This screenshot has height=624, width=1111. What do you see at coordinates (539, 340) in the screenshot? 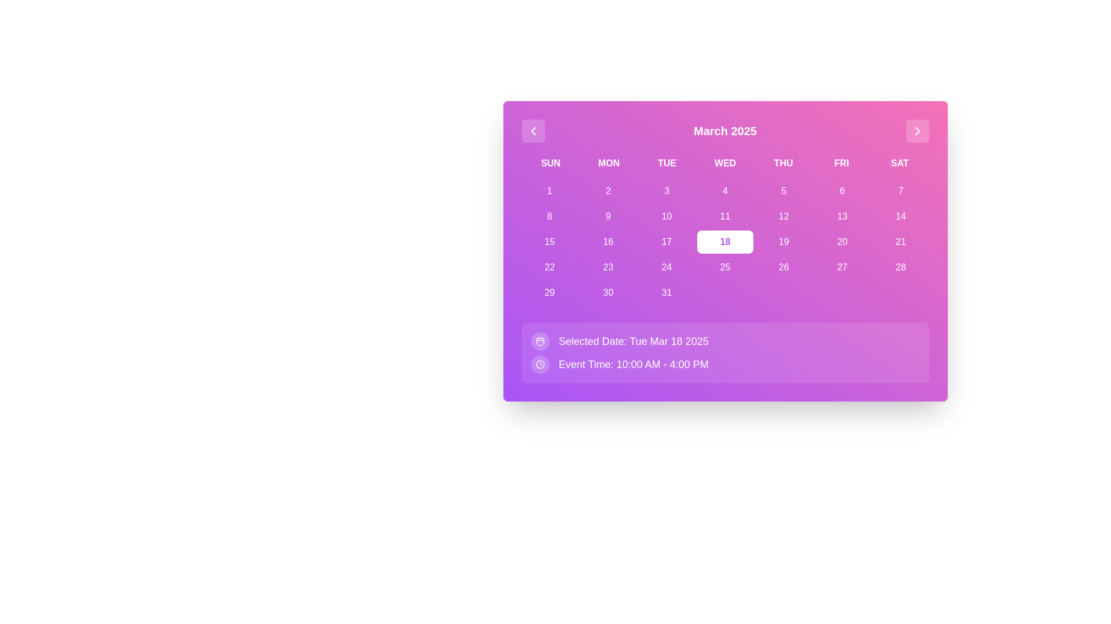
I see `the decorative or informative icon indicating the date-related attribute next to the text 'Selected Date: Tue Mar 18 2025'` at bounding box center [539, 340].